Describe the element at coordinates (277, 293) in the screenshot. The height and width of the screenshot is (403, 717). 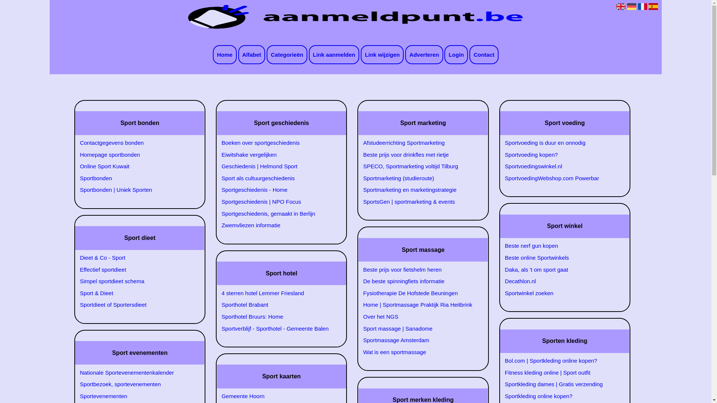
I see `'4 sterren hotel Lemmer Friesland'` at that location.